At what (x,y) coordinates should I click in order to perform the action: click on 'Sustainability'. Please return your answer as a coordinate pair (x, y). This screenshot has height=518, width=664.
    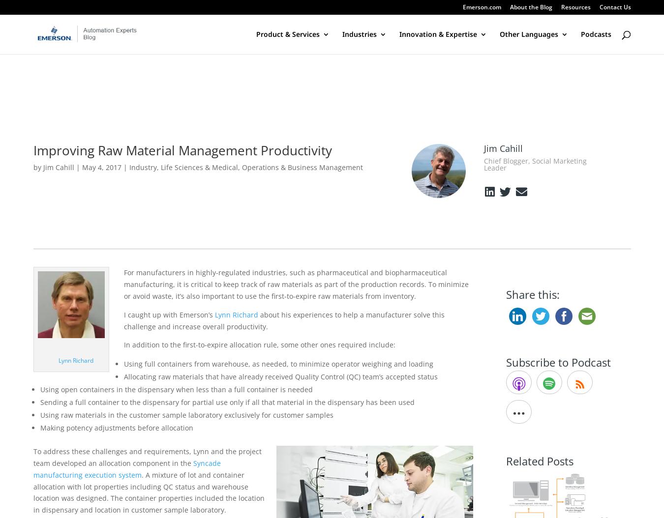
    Looking at the image, I should click on (210, 103).